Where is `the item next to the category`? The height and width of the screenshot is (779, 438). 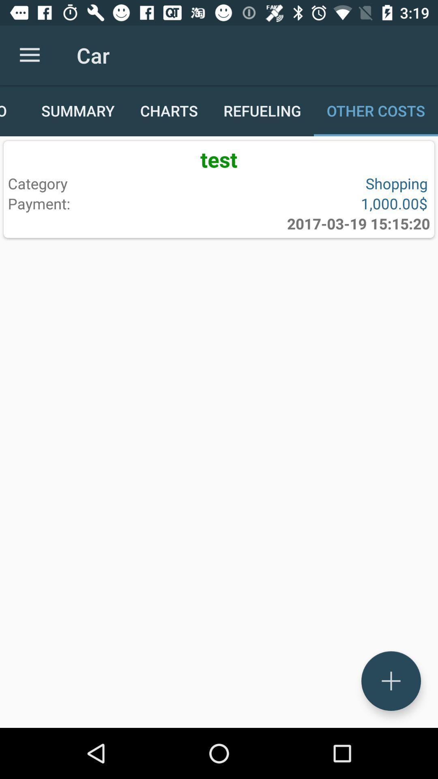
the item next to the category is located at coordinates (321, 203).